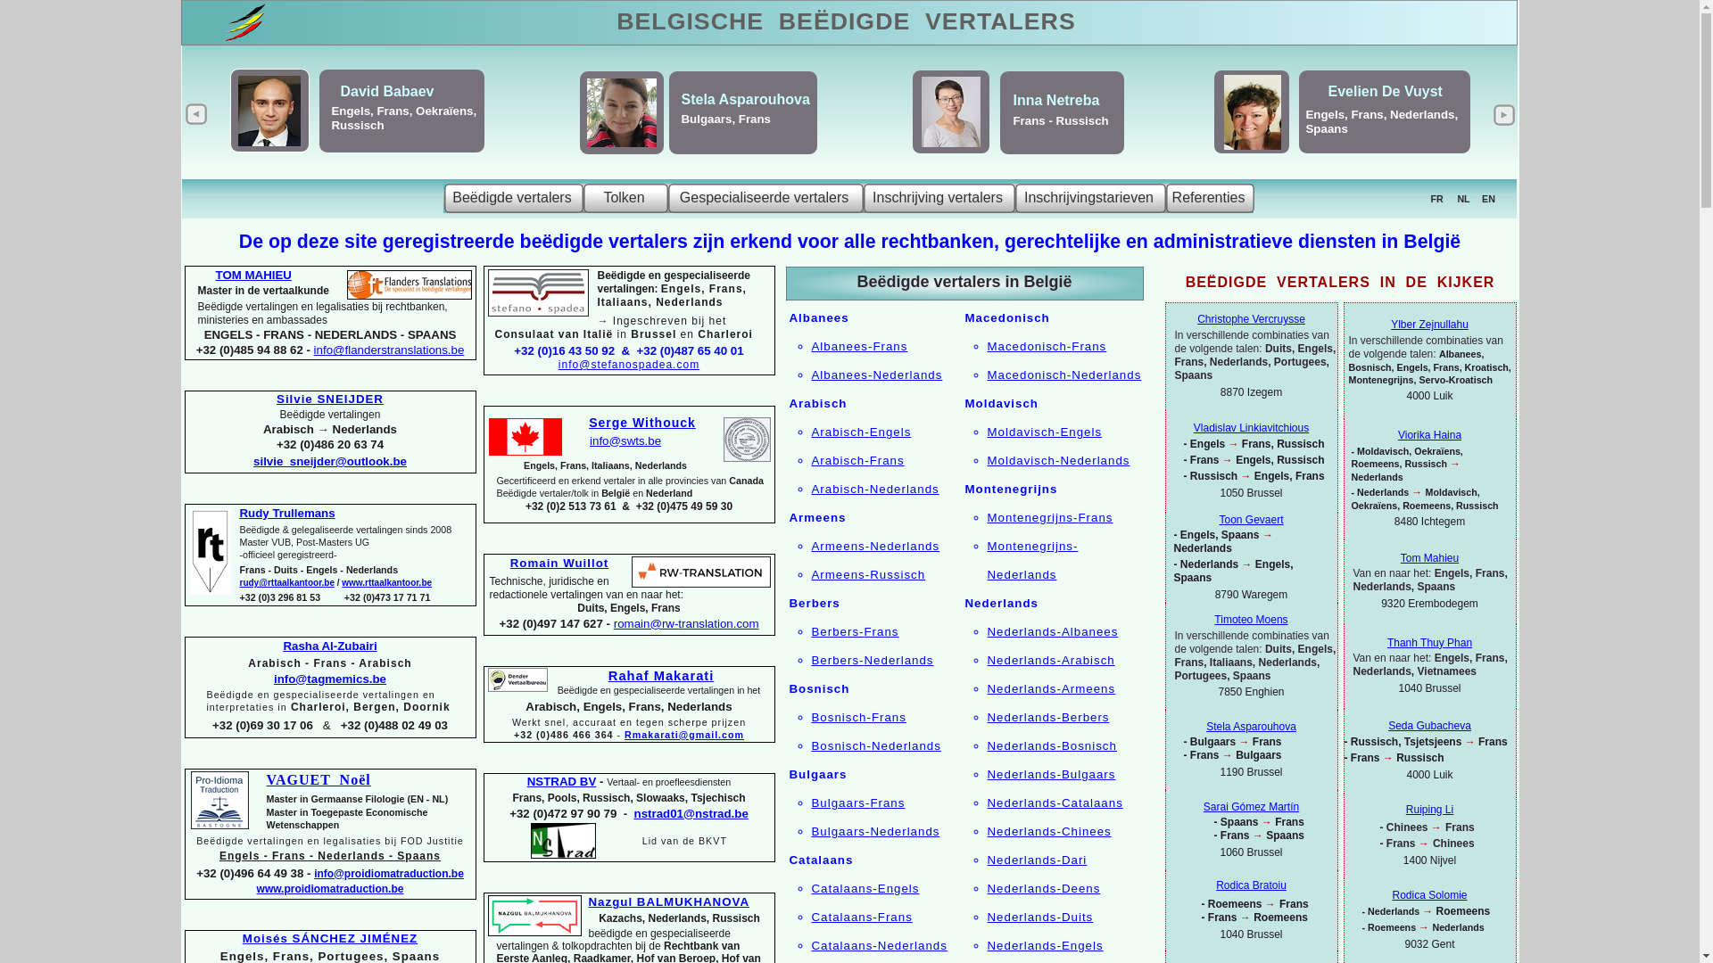  What do you see at coordinates (1051, 745) in the screenshot?
I see `'Nederlands-Bosnisch'` at bounding box center [1051, 745].